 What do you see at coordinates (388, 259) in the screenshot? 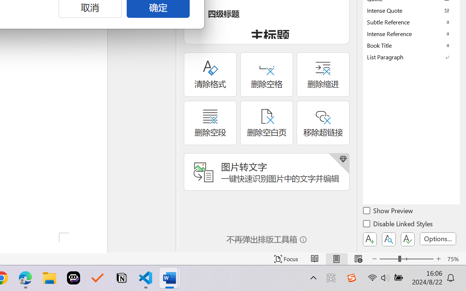
I see `'Zoom Out'` at bounding box center [388, 259].